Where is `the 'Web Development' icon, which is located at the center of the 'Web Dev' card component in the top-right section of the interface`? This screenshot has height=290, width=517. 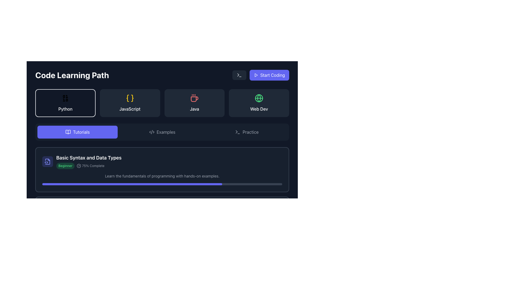
the 'Web Development' icon, which is located at the center of the 'Web Dev' card component in the top-right section of the interface is located at coordinates (259, 98).